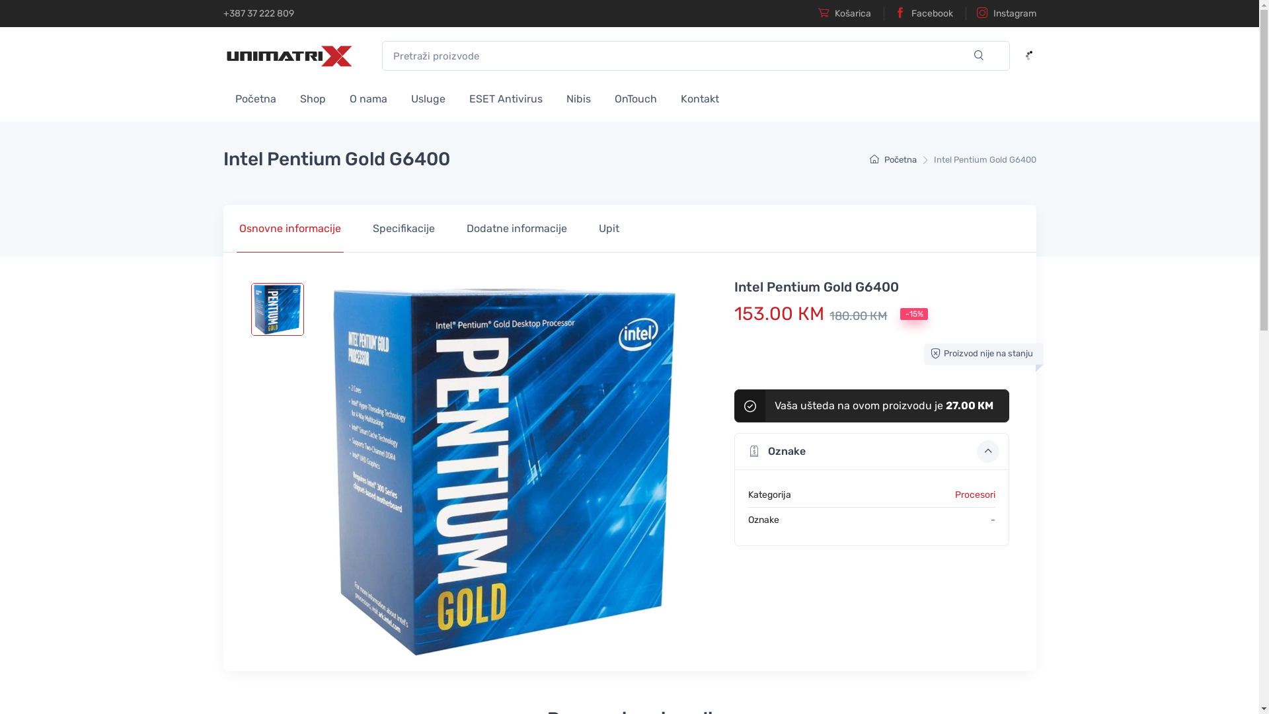  What do you see at coordinates (336, 97) in the screenshot?
I see `'O nama'` at bounding box center [336, 97].